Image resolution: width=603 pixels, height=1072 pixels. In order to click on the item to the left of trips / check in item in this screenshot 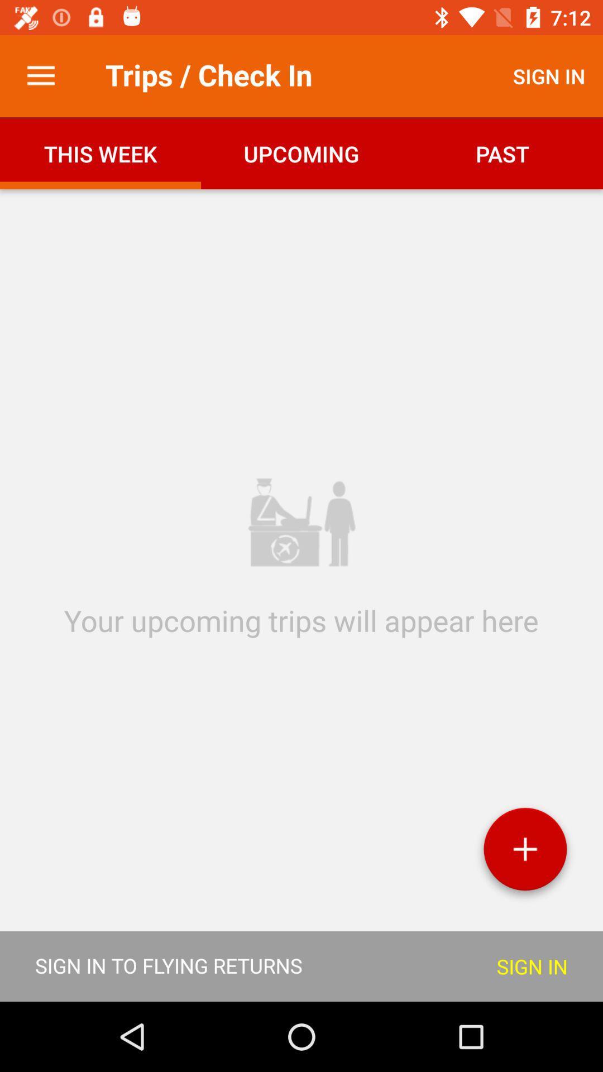, I will do `click(40, 75)`.